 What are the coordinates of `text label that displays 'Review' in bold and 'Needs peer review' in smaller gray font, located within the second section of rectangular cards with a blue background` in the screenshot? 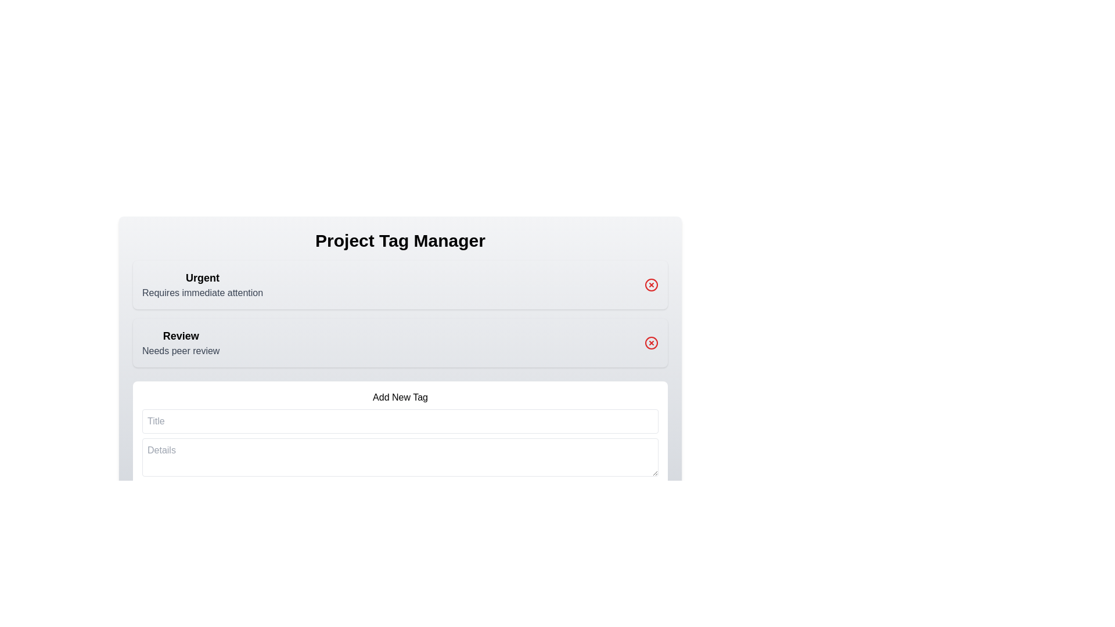 It's located at (180, 342).